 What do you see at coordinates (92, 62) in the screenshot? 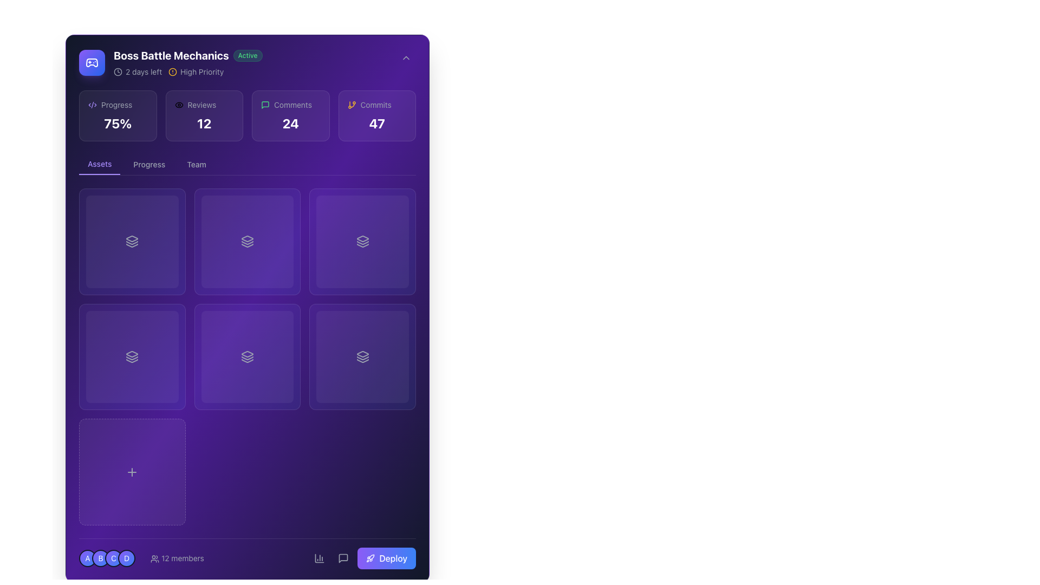
I see `the Gamepad icon located in the top-left section of the interface, next to the project title 'Boss Battle Mechanics' to interact with its functionality` at bounding box center [92, 62].